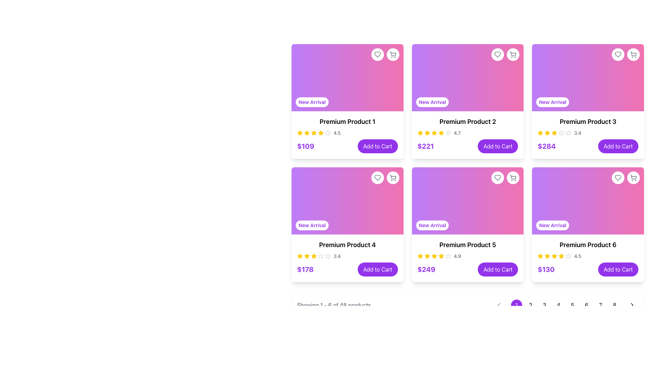  I want to click on the filled yellow star icon, which is the third star in a sequence of five stars indicating a rating of '4.5' for 'Premium Product 6', so click(547, 256).